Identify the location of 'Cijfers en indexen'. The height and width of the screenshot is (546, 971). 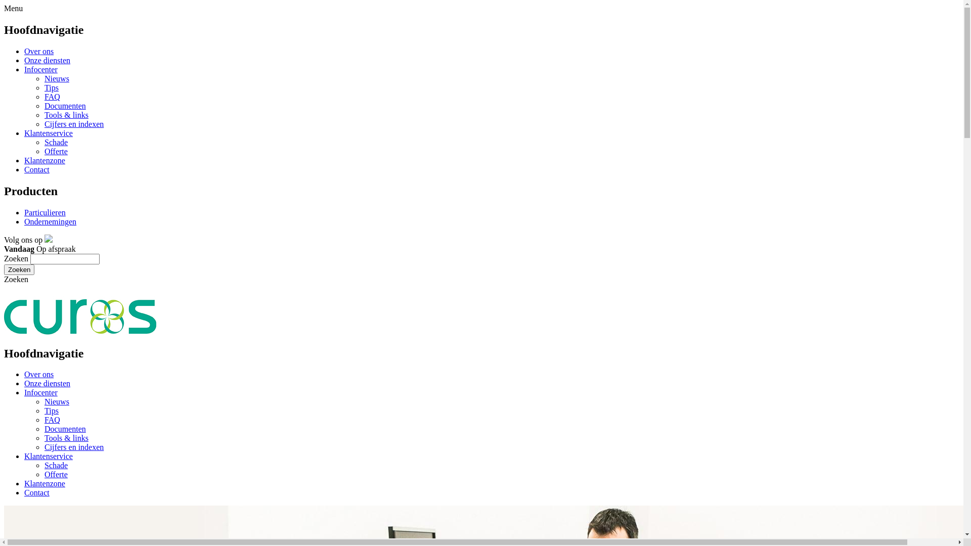
(73, 446).